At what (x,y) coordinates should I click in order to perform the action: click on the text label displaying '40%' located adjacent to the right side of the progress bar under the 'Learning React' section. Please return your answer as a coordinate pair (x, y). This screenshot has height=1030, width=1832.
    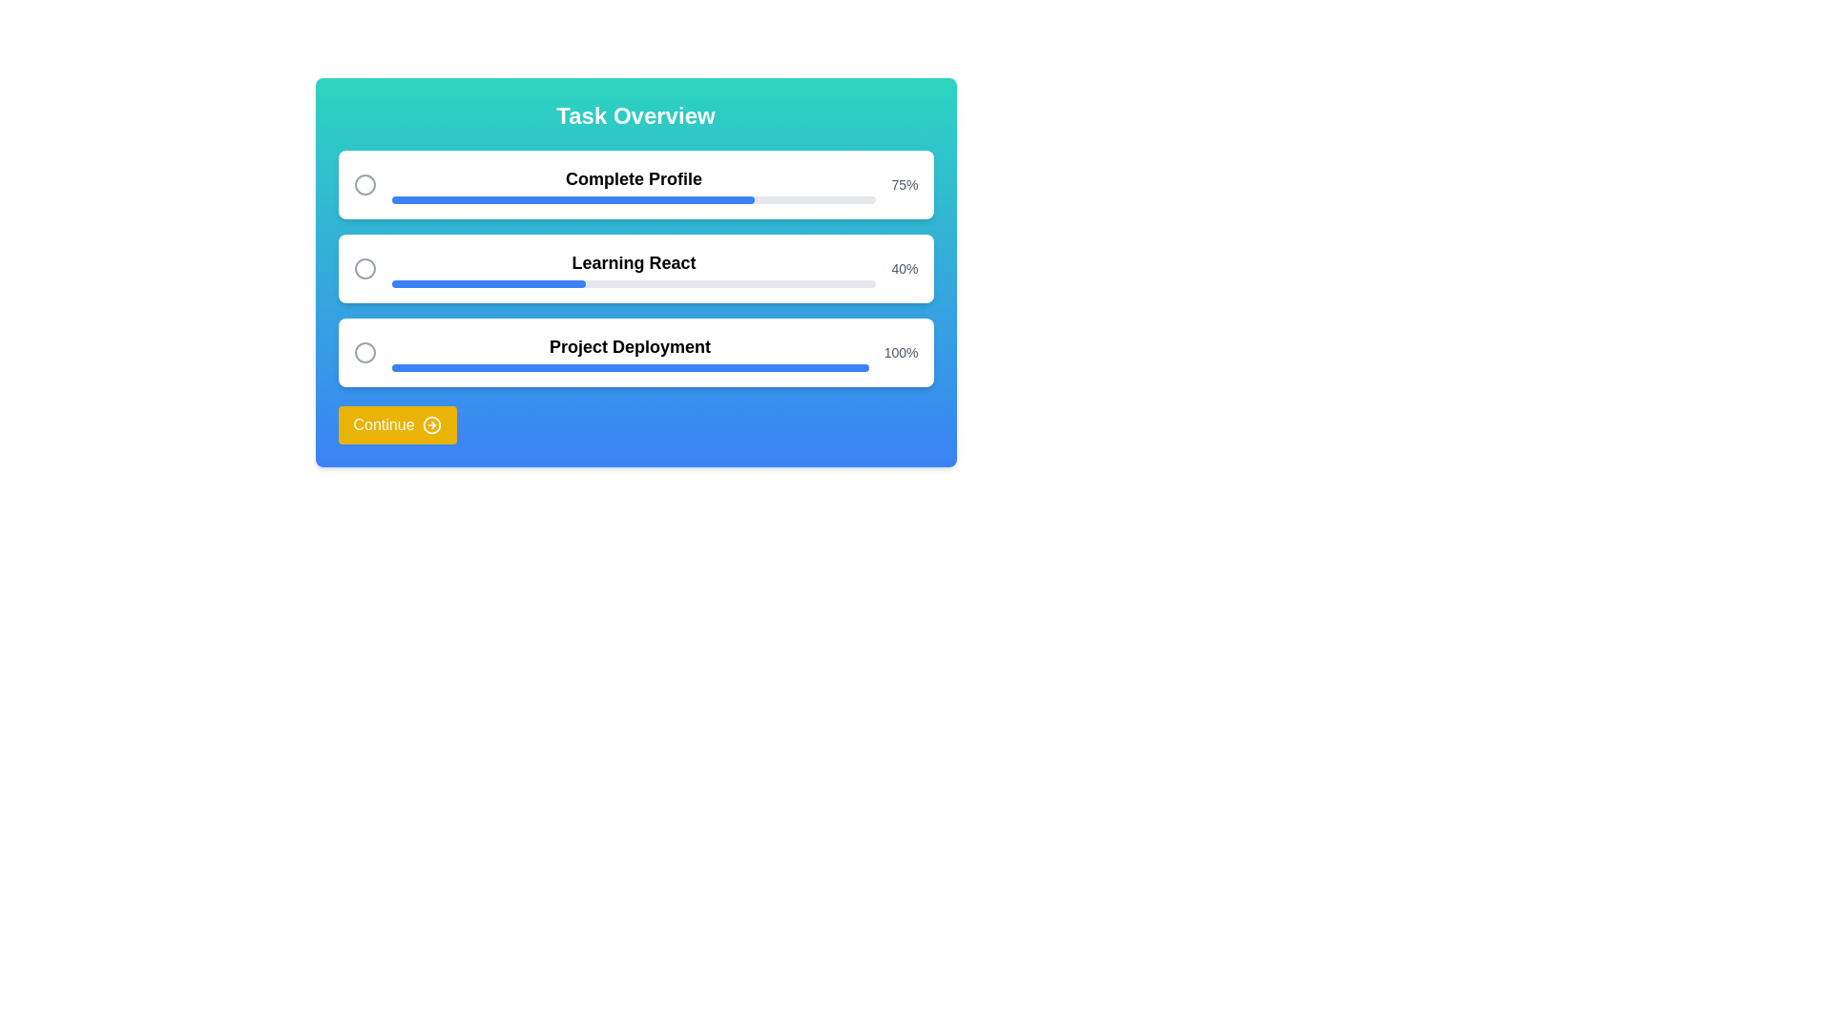
    Looking at the image, I should click on (904, 268).